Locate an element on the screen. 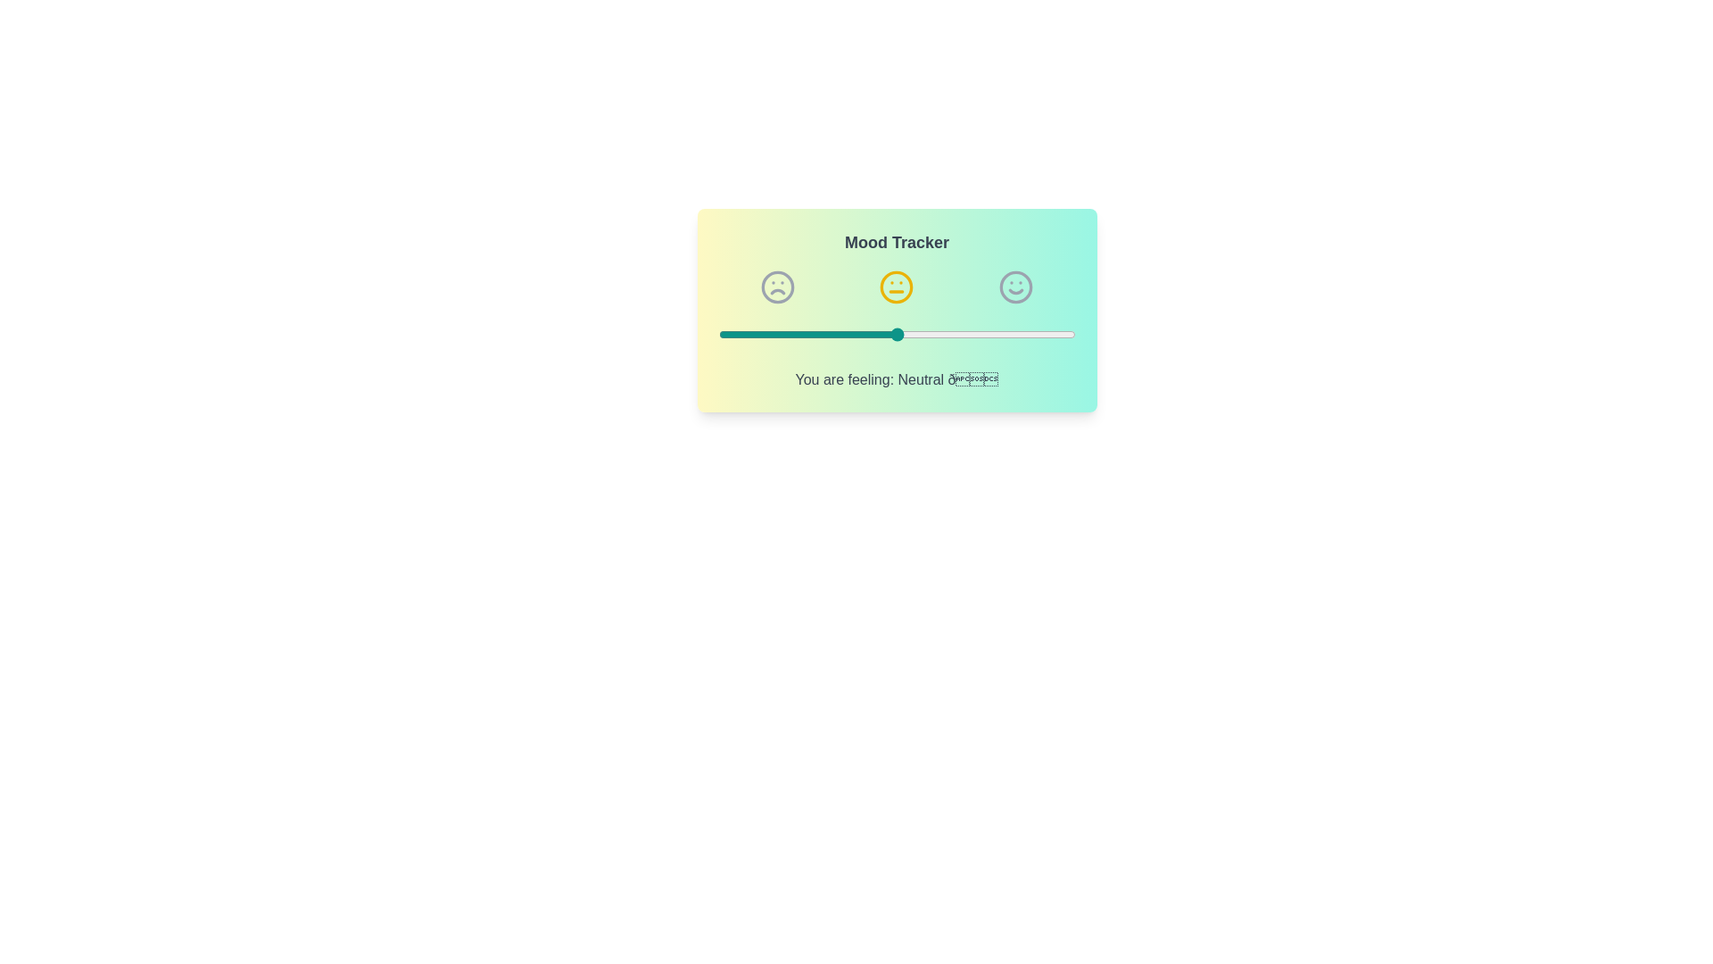  the mood icon corresponding to Neutral is located at coordinates (897, 286).